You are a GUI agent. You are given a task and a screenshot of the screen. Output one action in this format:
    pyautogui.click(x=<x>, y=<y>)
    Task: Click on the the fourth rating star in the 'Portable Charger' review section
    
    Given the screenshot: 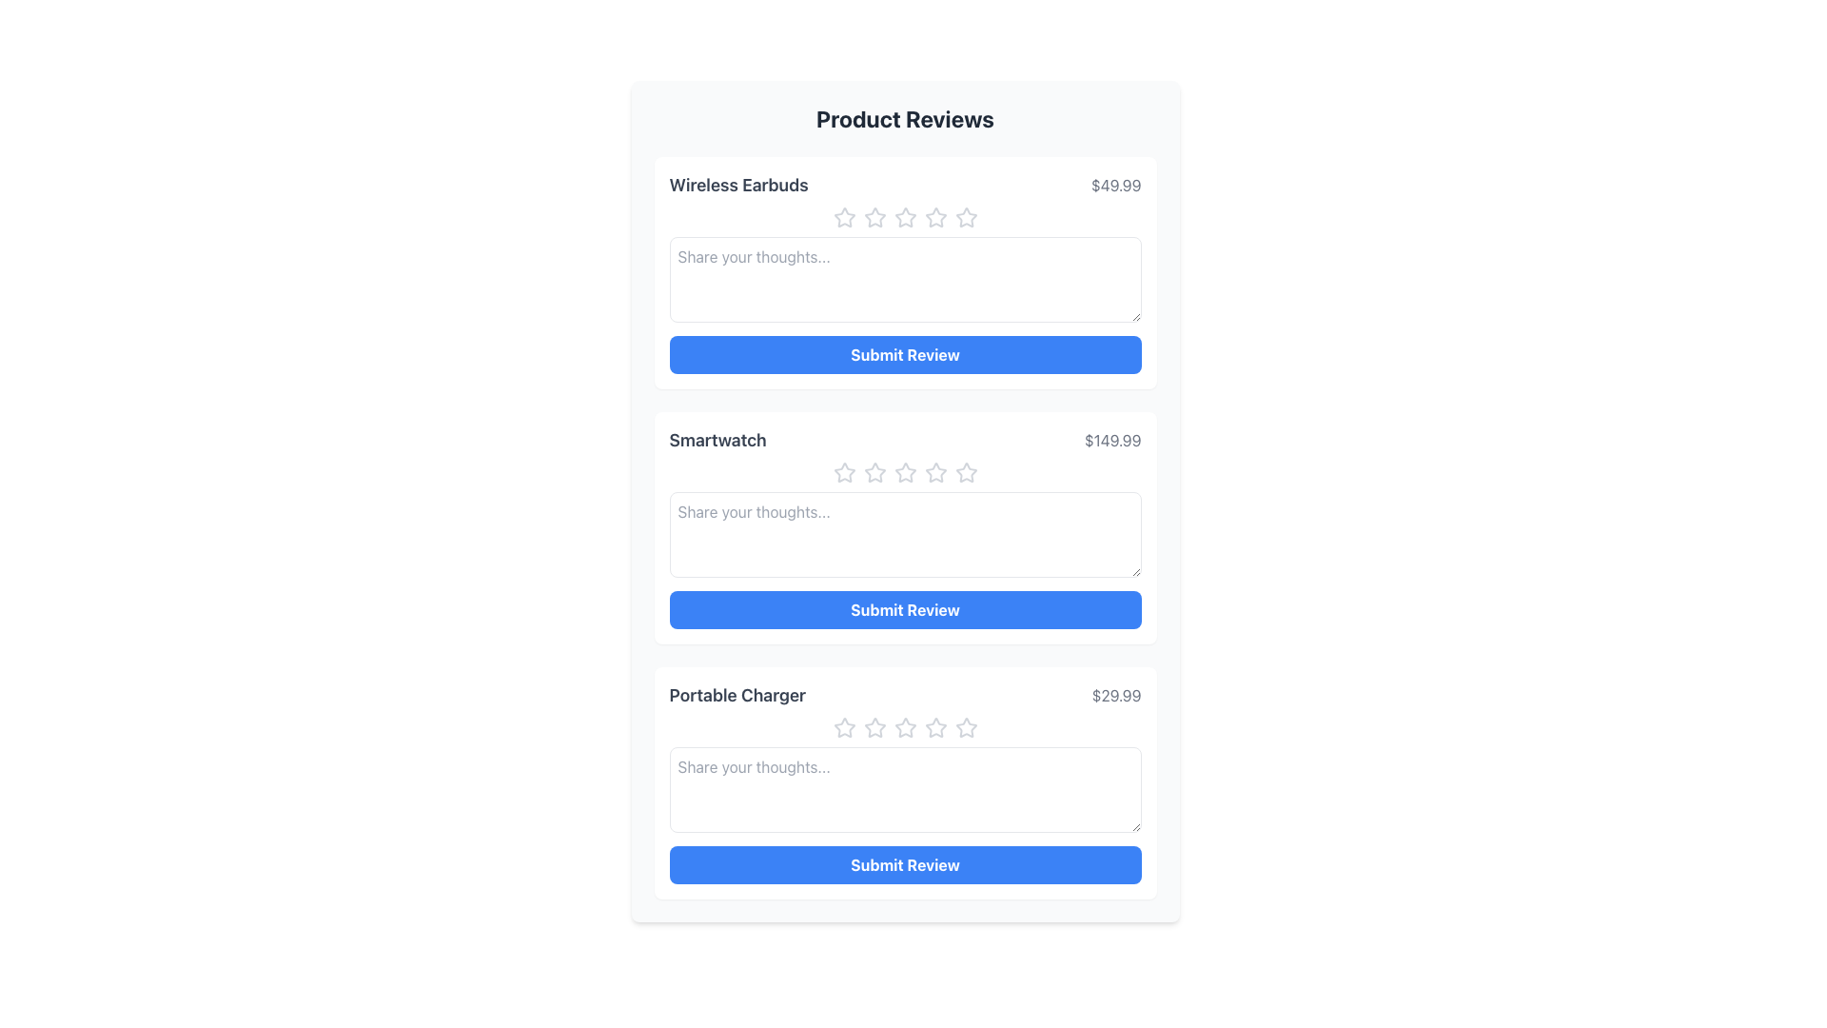 What is the action you would take?
    pyautogui.click(x=904, y=727)
    